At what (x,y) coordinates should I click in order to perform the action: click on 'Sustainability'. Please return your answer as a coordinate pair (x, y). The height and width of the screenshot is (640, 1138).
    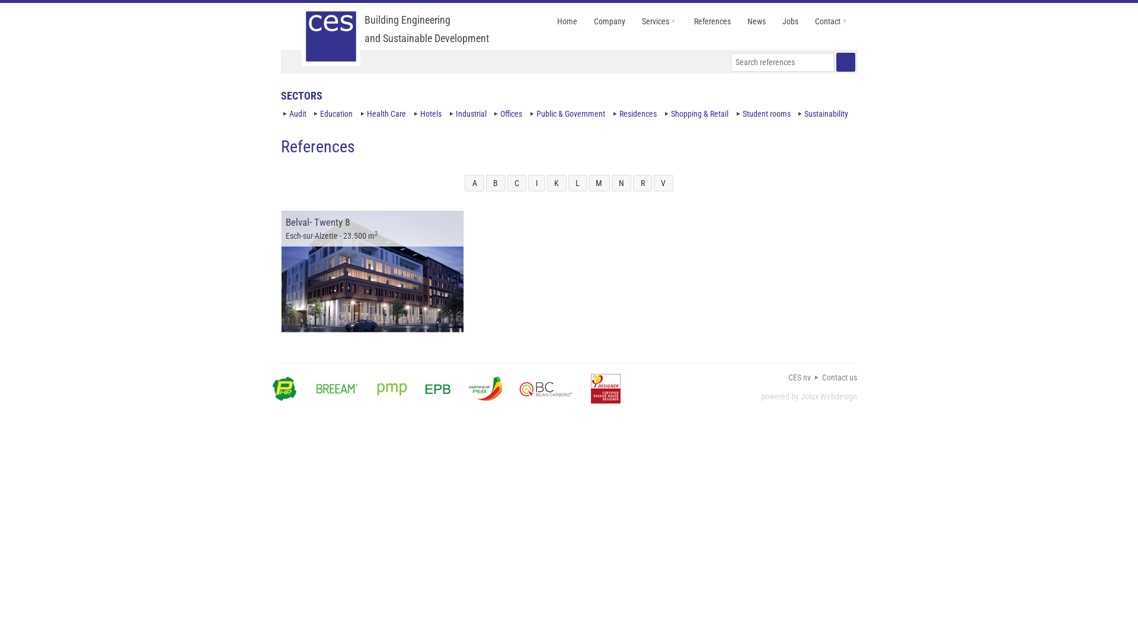
    Looking at the image, I should click on (825, 114).